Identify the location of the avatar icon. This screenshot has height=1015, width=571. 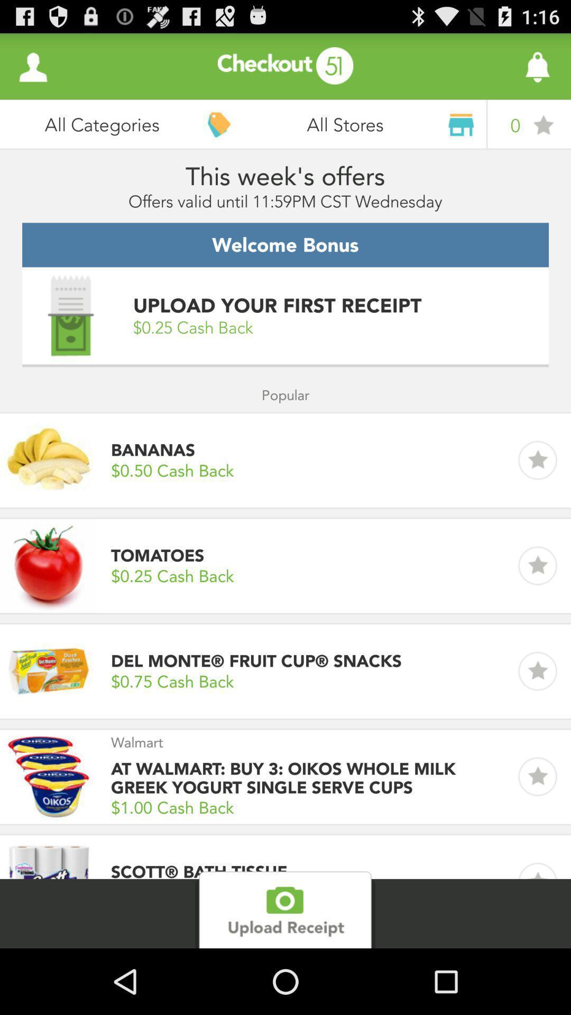
(32, 70).